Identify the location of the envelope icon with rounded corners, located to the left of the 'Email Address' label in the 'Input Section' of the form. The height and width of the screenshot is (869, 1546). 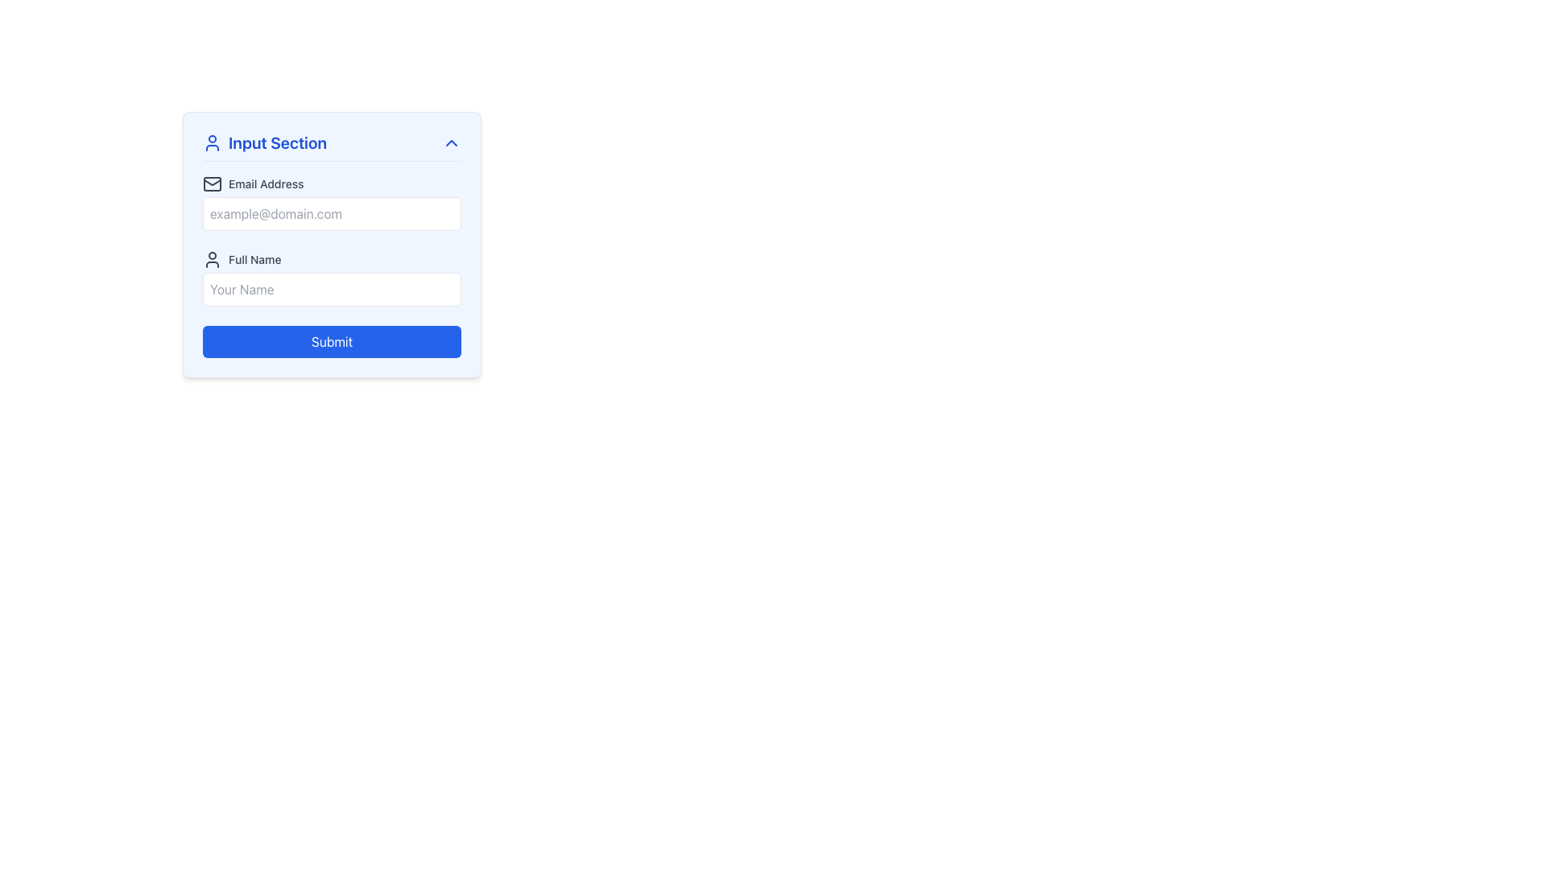
(212, 183).